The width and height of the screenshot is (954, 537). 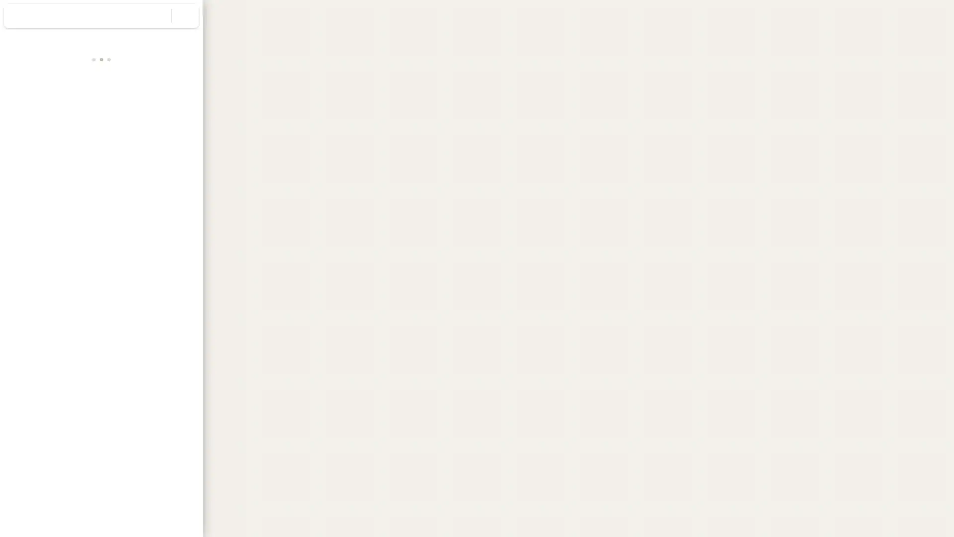 What do you see at coordinates (158, 15) in the screenshot?
I see `Search` at bounding box center [158, 15].